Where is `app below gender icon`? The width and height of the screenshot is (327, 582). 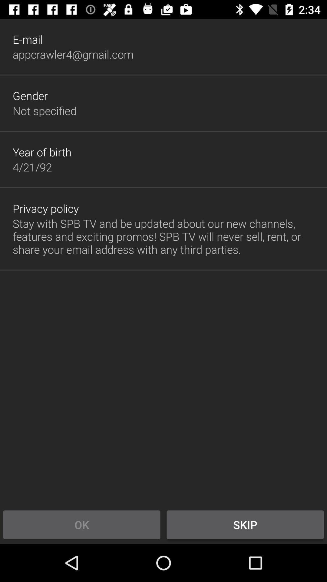
app below gender icon is located at coordinates (44, 111).